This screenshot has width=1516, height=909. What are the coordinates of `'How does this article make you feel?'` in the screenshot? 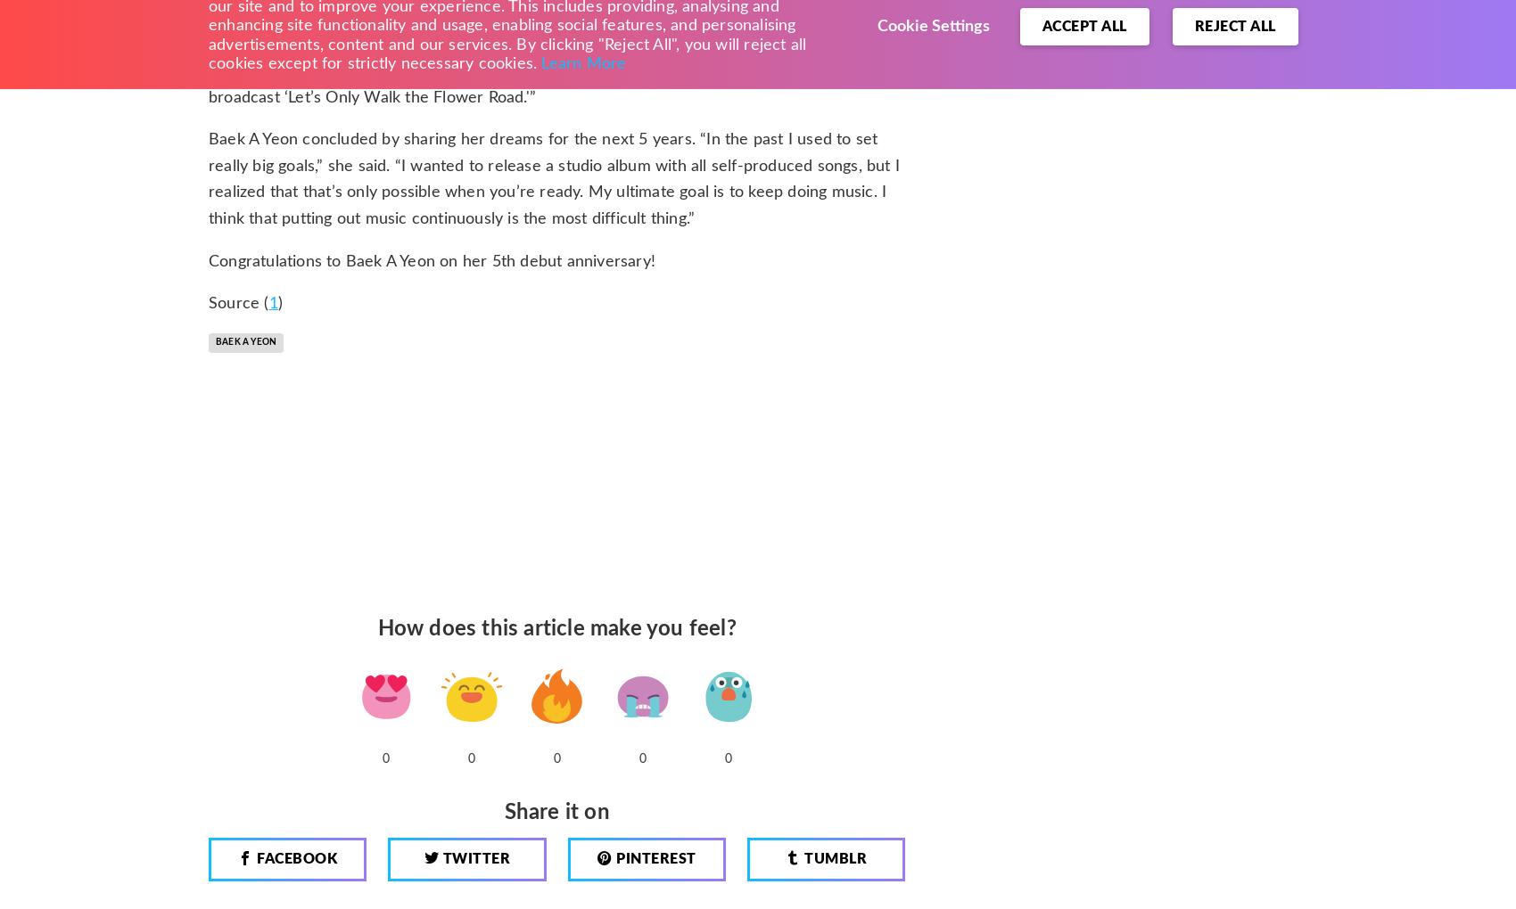 It's located at (556, 627).